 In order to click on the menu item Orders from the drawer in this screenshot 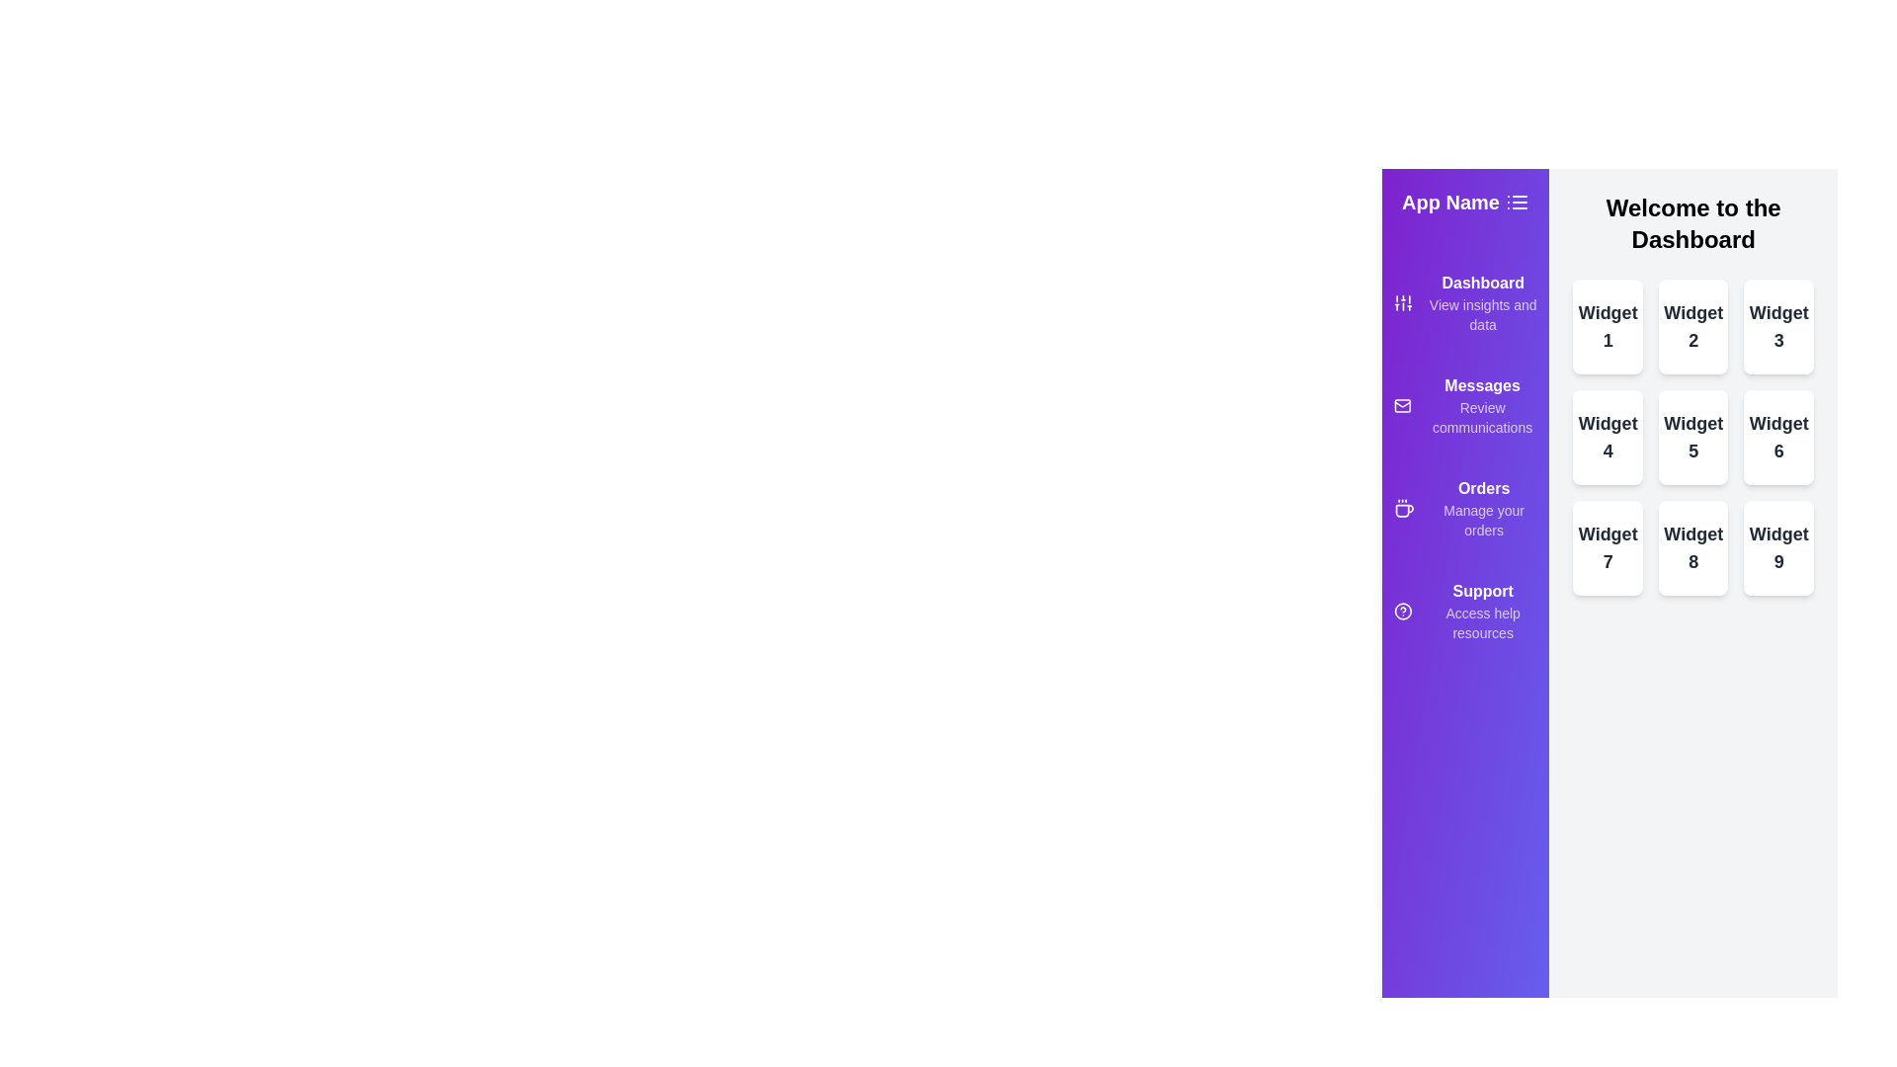, I will do `click(1465, 508)`.